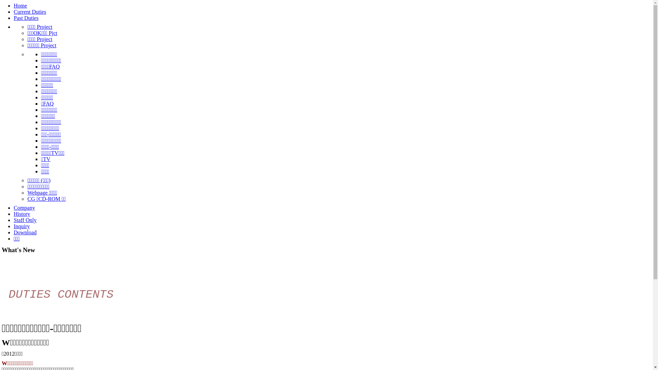 Image resolution: width=658 pixels, height=370 pixels. I want to click on 'Inquiry', so click(13, 226).